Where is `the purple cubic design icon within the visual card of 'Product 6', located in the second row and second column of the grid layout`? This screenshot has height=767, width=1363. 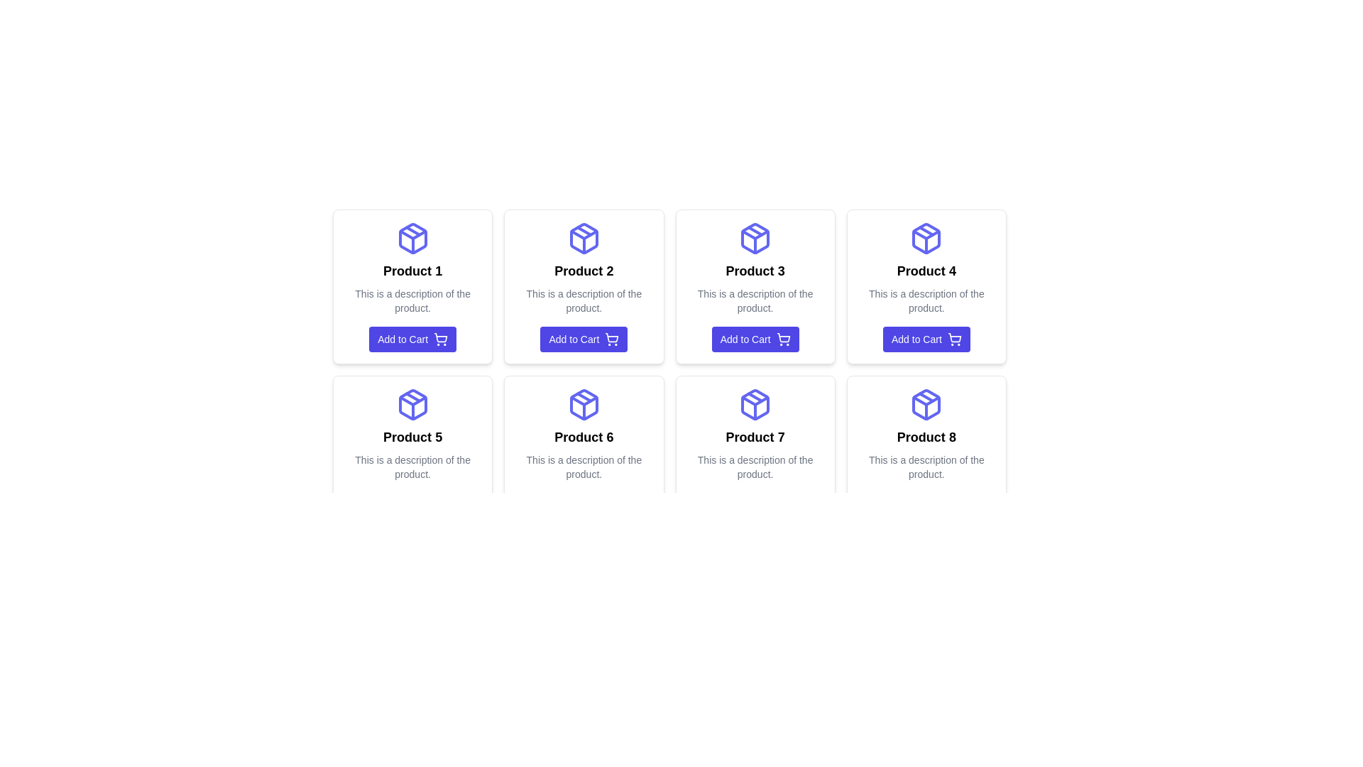
the purple cubic design icon within the visual card of 'Product 6', located in the second row and second column of the grid layout is located at coordinates (584, 405).